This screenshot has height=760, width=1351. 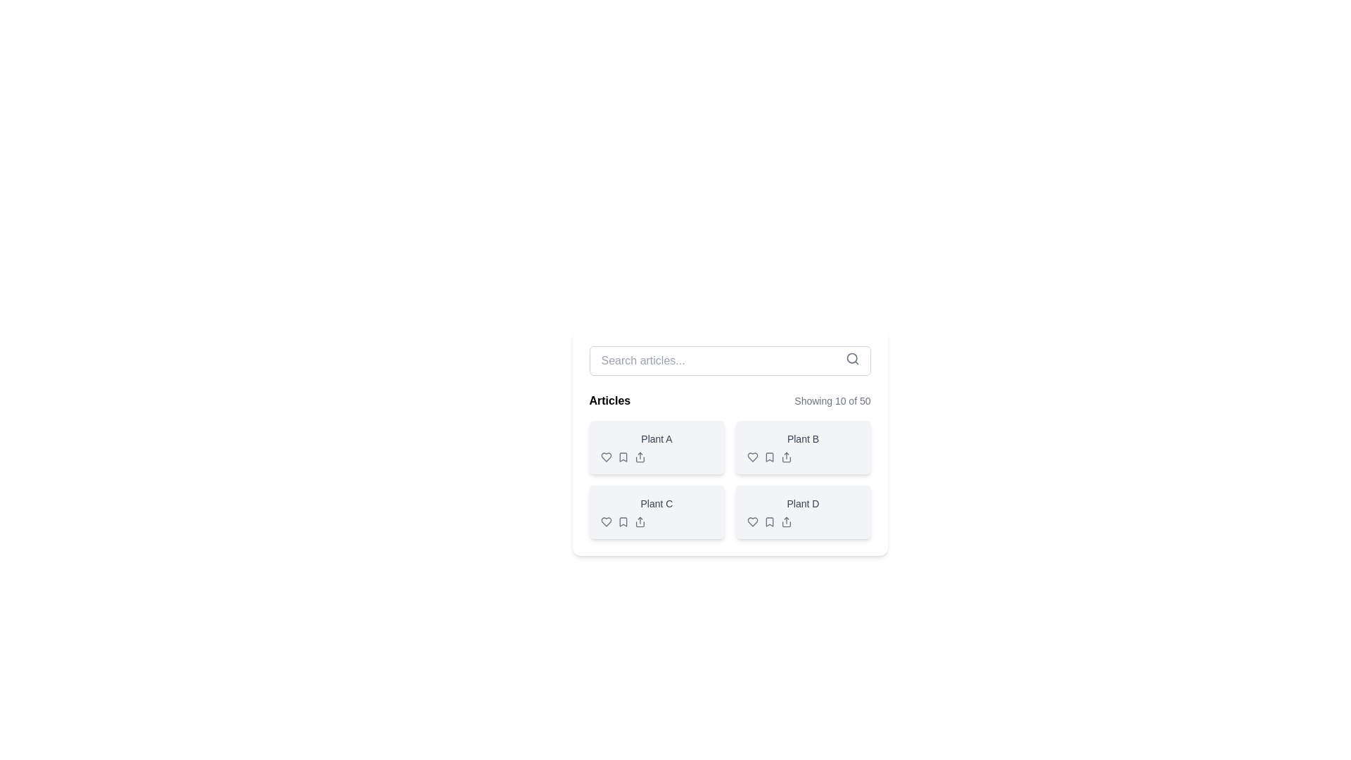 I want to click on the text display element that shows the message 'Showing 10 of 50', located on the right side of the header section above the grid of items, so click(x=832, y=401).